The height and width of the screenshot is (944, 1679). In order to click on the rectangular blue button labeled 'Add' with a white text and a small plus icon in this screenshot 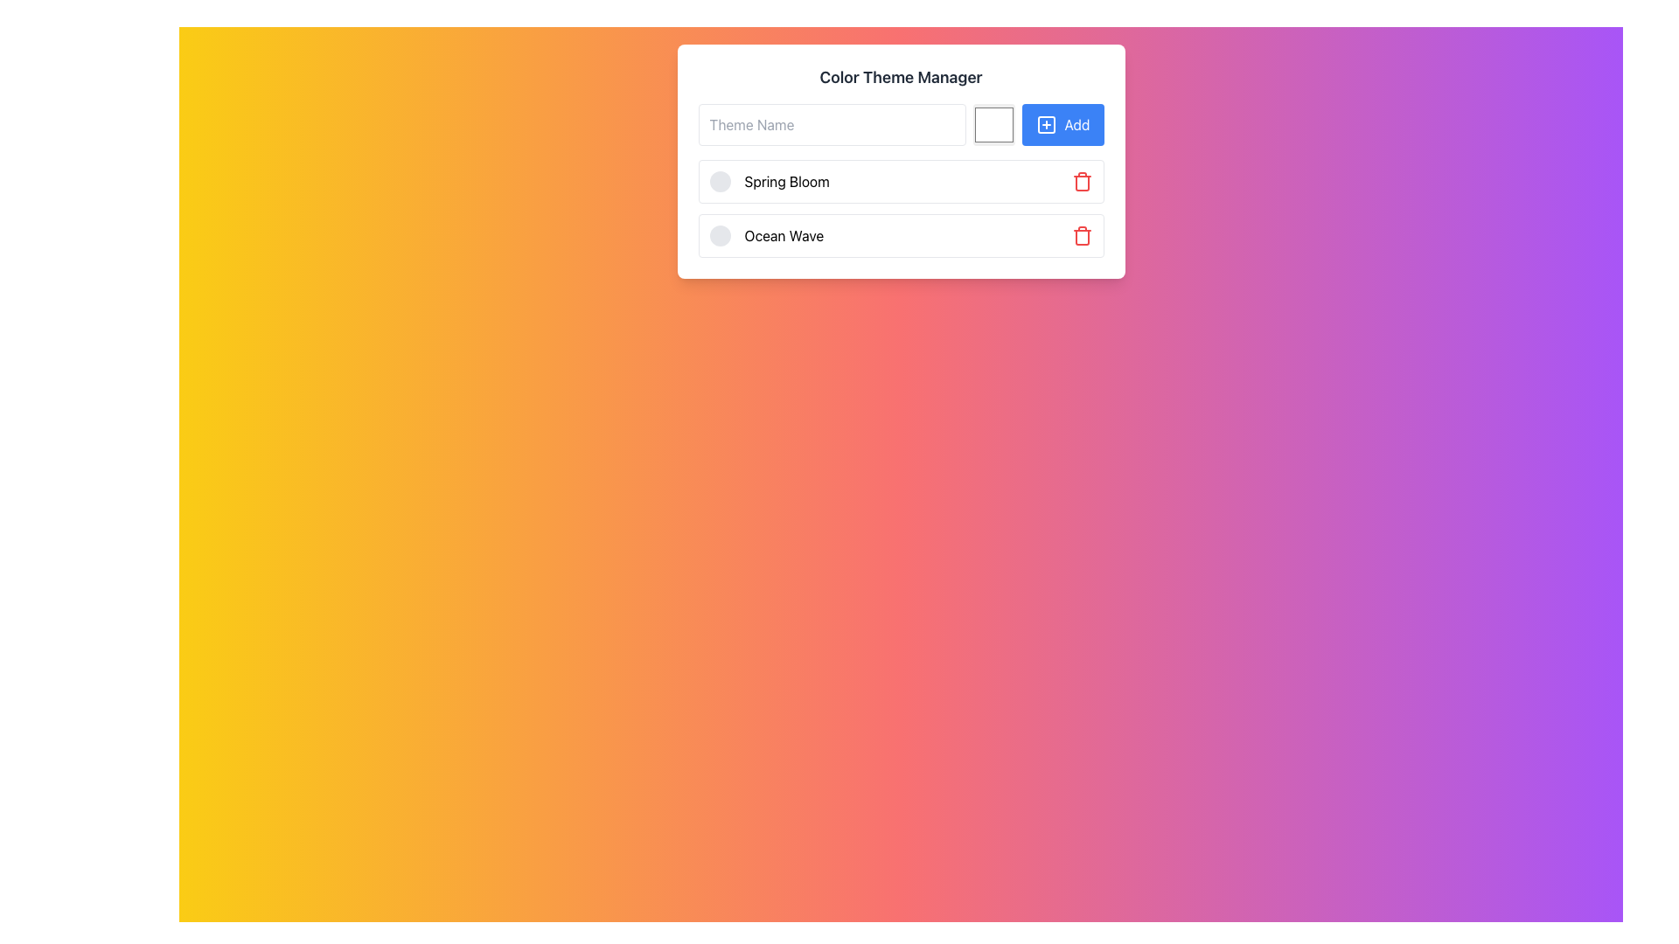, I will do `click(1062, 123)`.